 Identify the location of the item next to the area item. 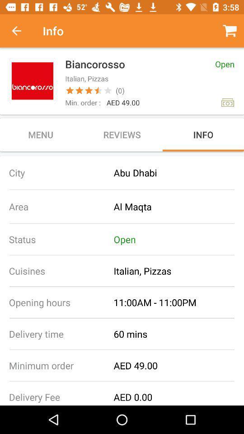
(178, 207).